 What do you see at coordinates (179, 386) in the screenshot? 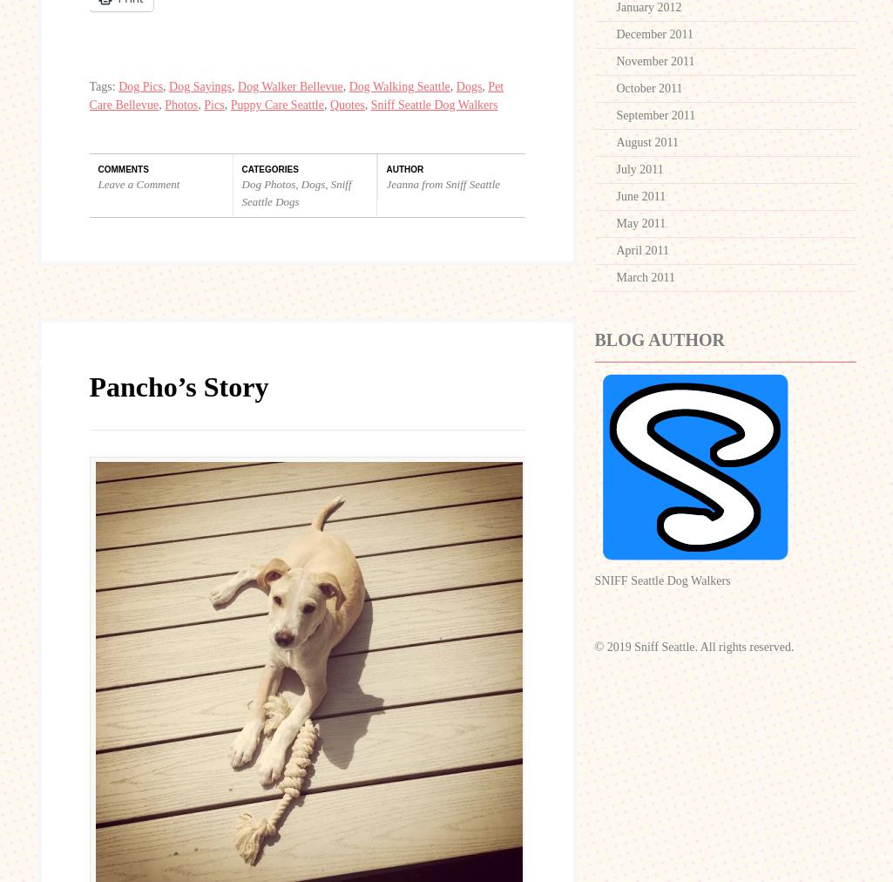
I see `'Pancho’s Story'` at bounding box center [179, 386].